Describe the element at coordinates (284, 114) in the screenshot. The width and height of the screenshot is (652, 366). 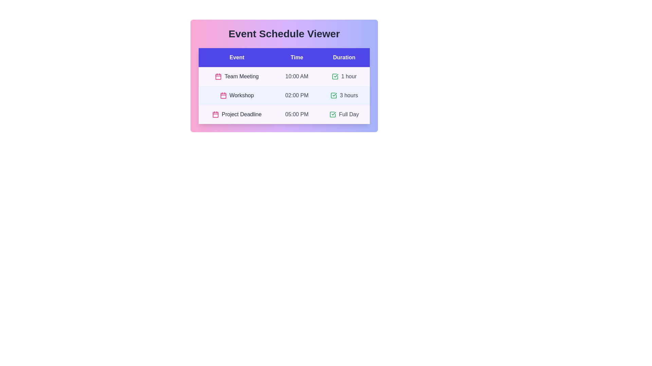
I see `the row corresponding to Project Deadline` at that location.